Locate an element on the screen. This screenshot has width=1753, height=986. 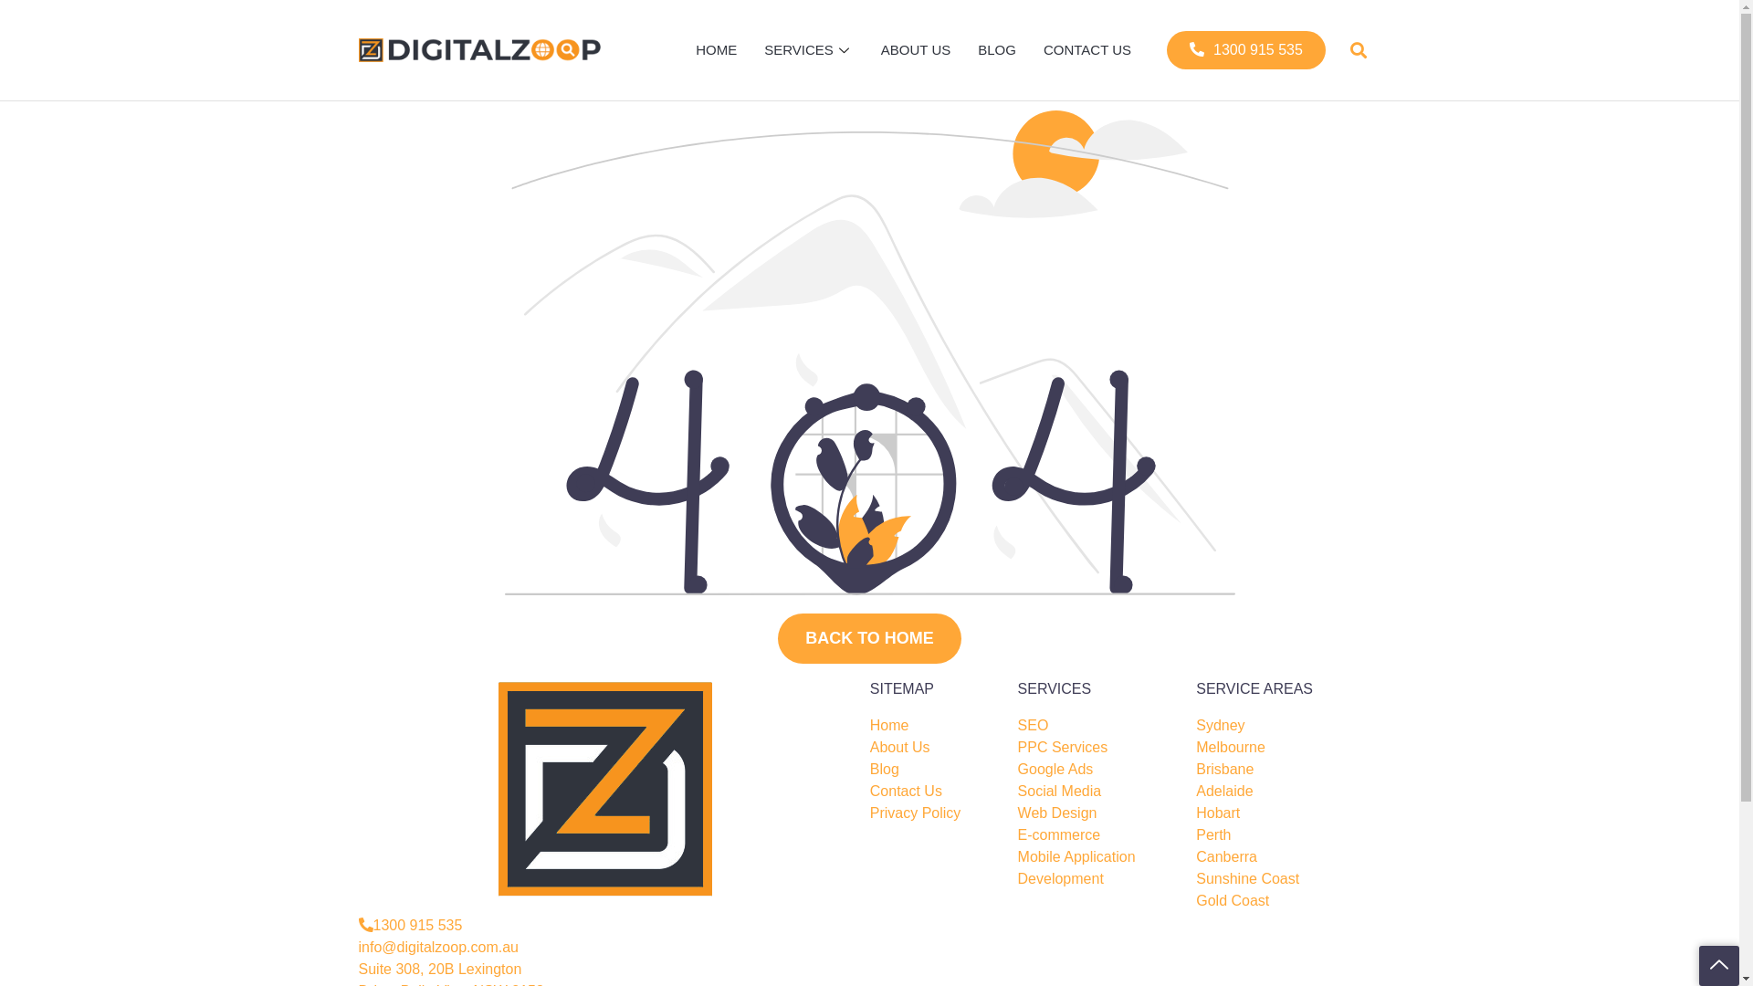
'Contact Us' is located at coordinates (869, 791).